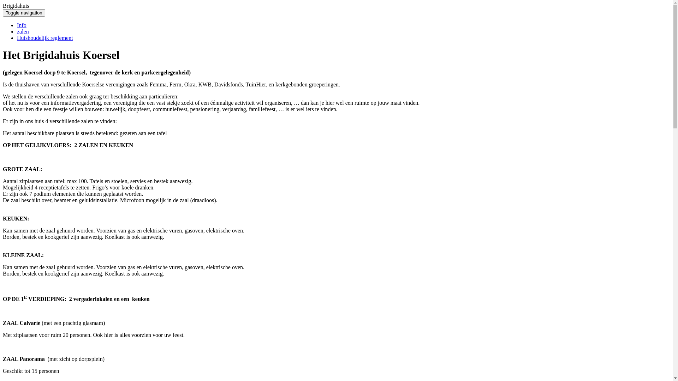 This screenshot has height=381, width=678. What do you see at coordinates (22, 25) in the screenshot?
I see `'Info'` at bounding box center [22, 25].